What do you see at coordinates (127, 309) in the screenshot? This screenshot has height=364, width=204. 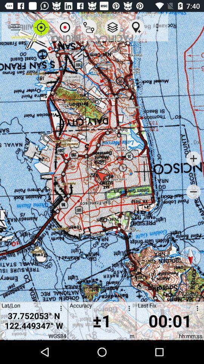 I see `open accuracy menu options` at bounding box center [127, 309].